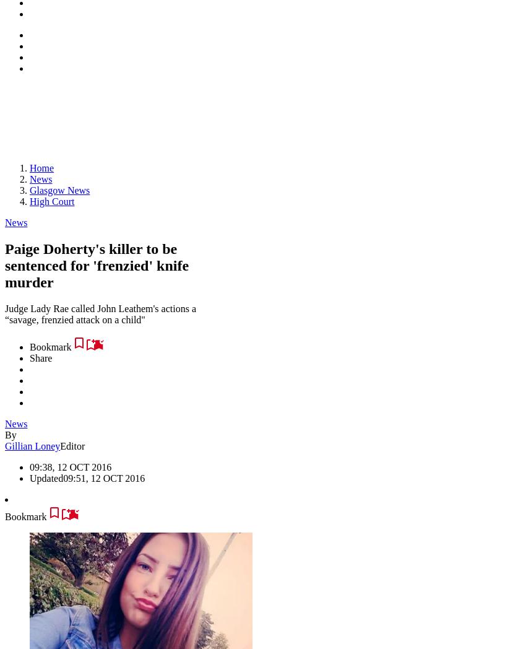 This screenshot has height=649, width=531. Describe the element at coordinates (41, 167) in the screenshot. I see `'Home'` at that location.